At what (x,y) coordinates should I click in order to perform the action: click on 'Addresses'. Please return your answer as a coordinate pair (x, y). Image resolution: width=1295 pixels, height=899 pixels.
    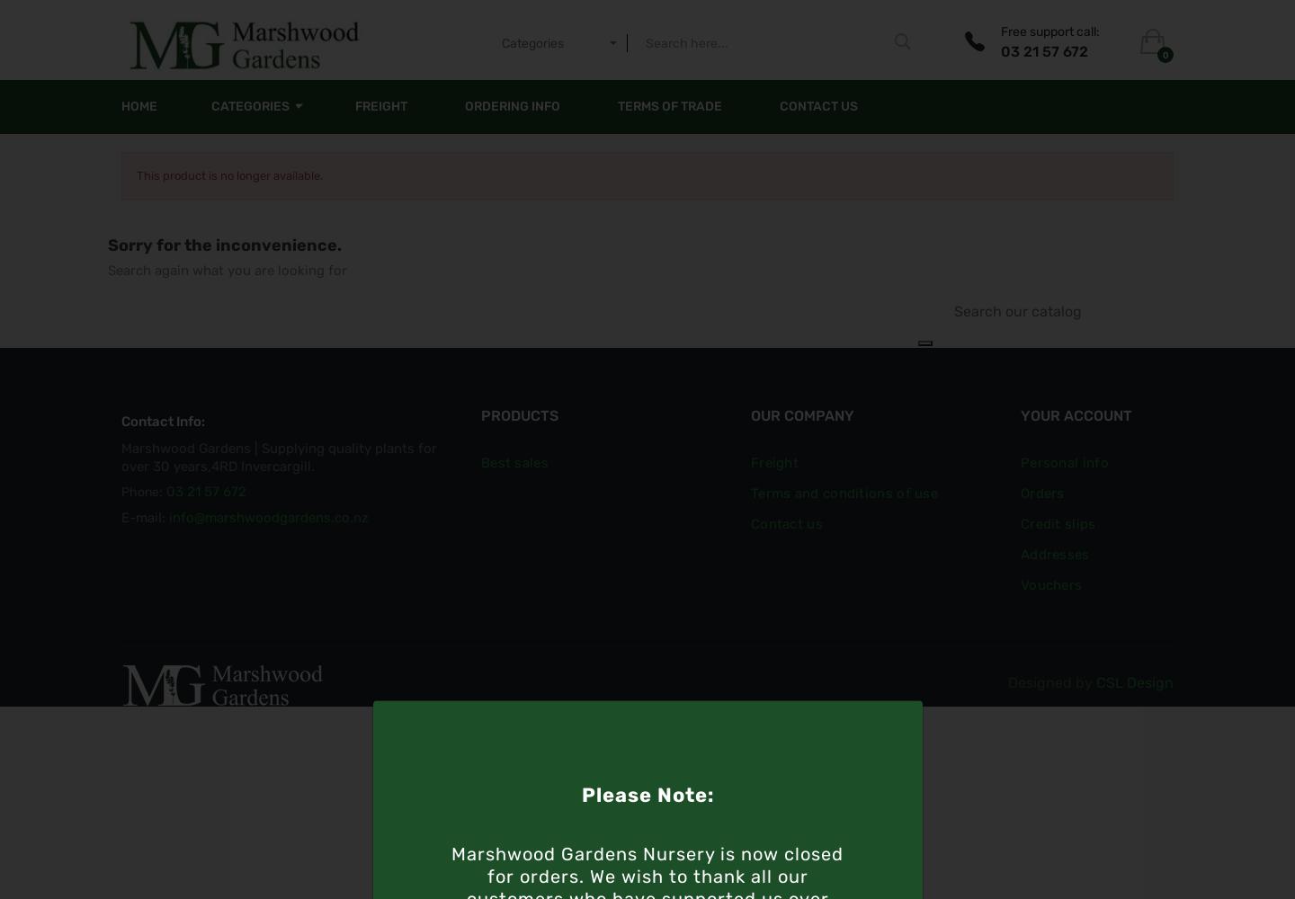
    Looking at the image, I should click on (1054, 554).